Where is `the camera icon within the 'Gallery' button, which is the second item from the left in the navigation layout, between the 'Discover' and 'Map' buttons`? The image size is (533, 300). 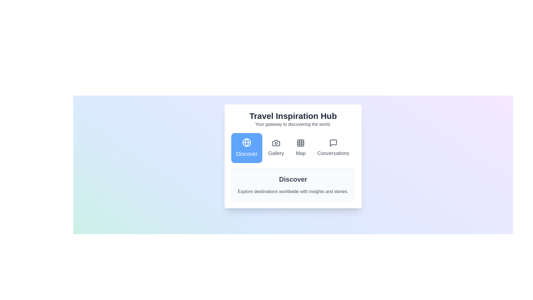
the camera icon within the 'Gallery' button, which is the second item from the left in the navigation layout, between the 'Discover' and 'Map' buttons is located at coordinates (276, 143).